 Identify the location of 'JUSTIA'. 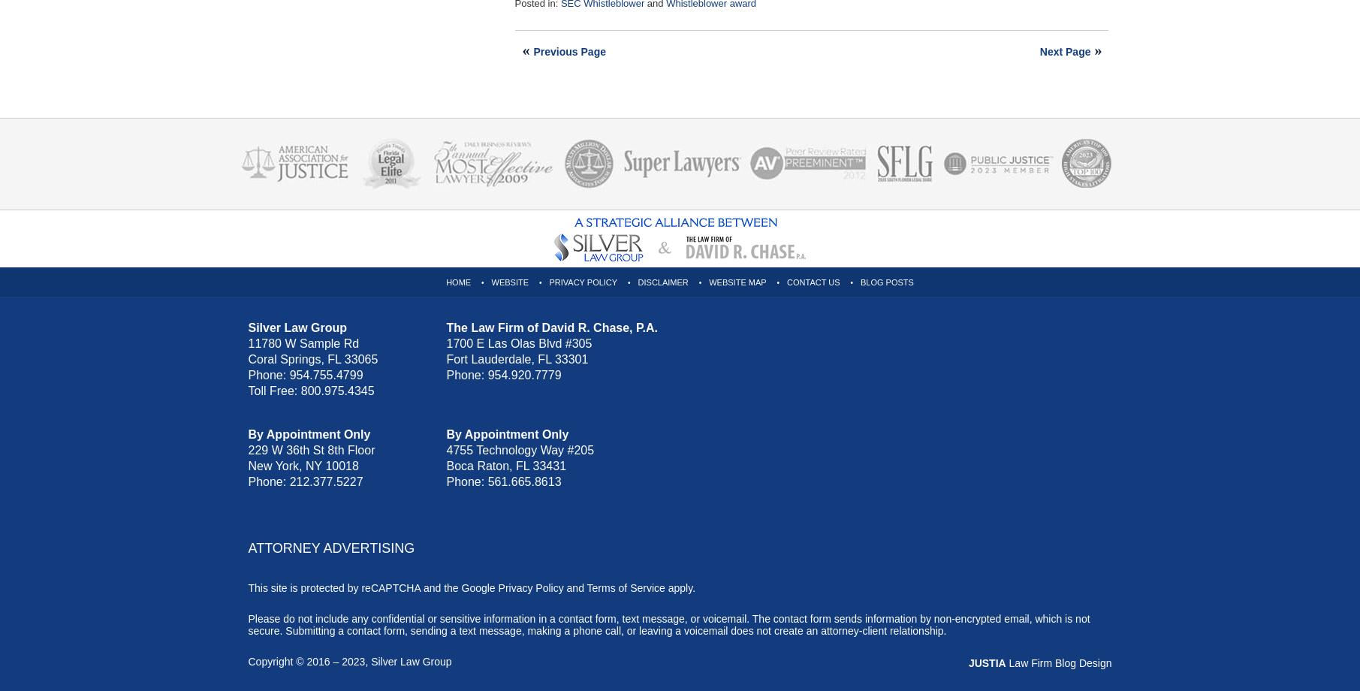
(968, 662).